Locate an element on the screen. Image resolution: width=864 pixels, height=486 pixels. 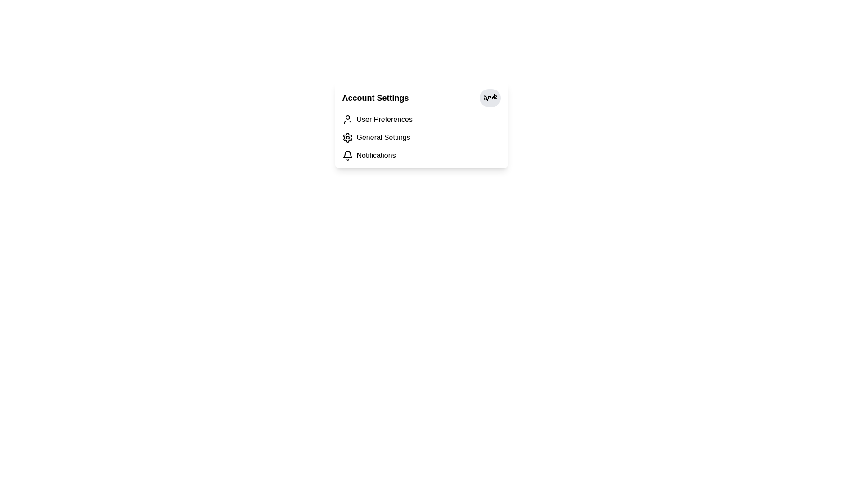
the second item in the vertical list of the 'Account Settings' card is located at coordinates (421, 137).